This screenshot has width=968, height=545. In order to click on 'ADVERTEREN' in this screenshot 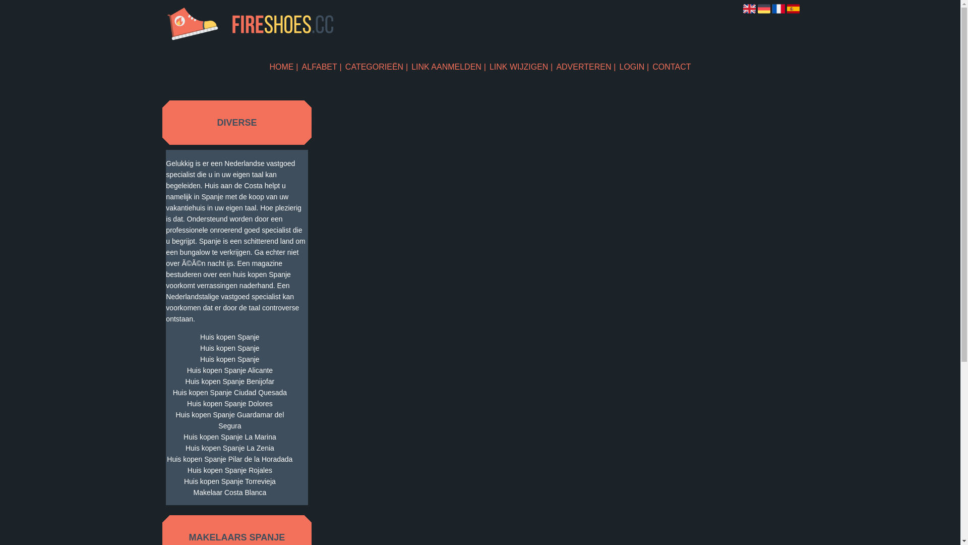, I will do `click(585, 67)`.